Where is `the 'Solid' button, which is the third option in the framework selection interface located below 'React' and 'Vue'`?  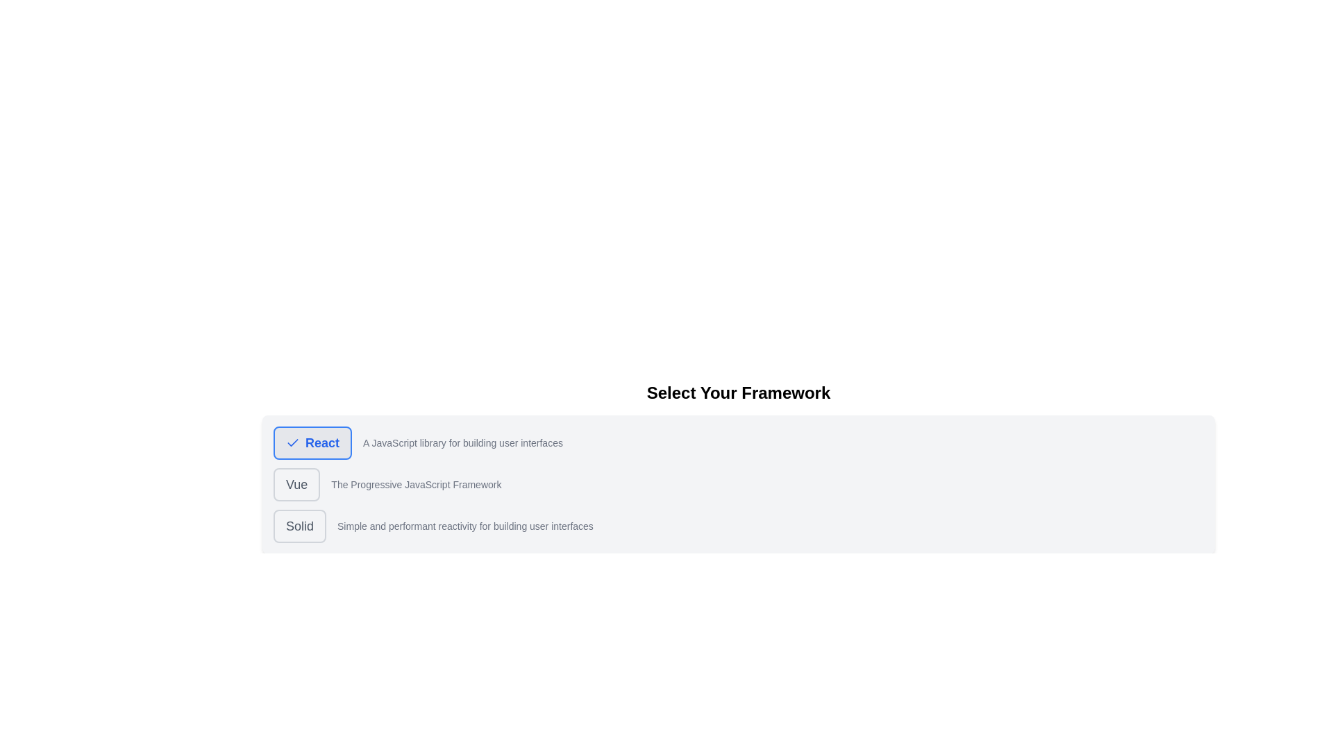
the 'Solid' button, which is the third option in the framework selection interface located below 'React' and 'Vue' is located at coordinates (738, 526).